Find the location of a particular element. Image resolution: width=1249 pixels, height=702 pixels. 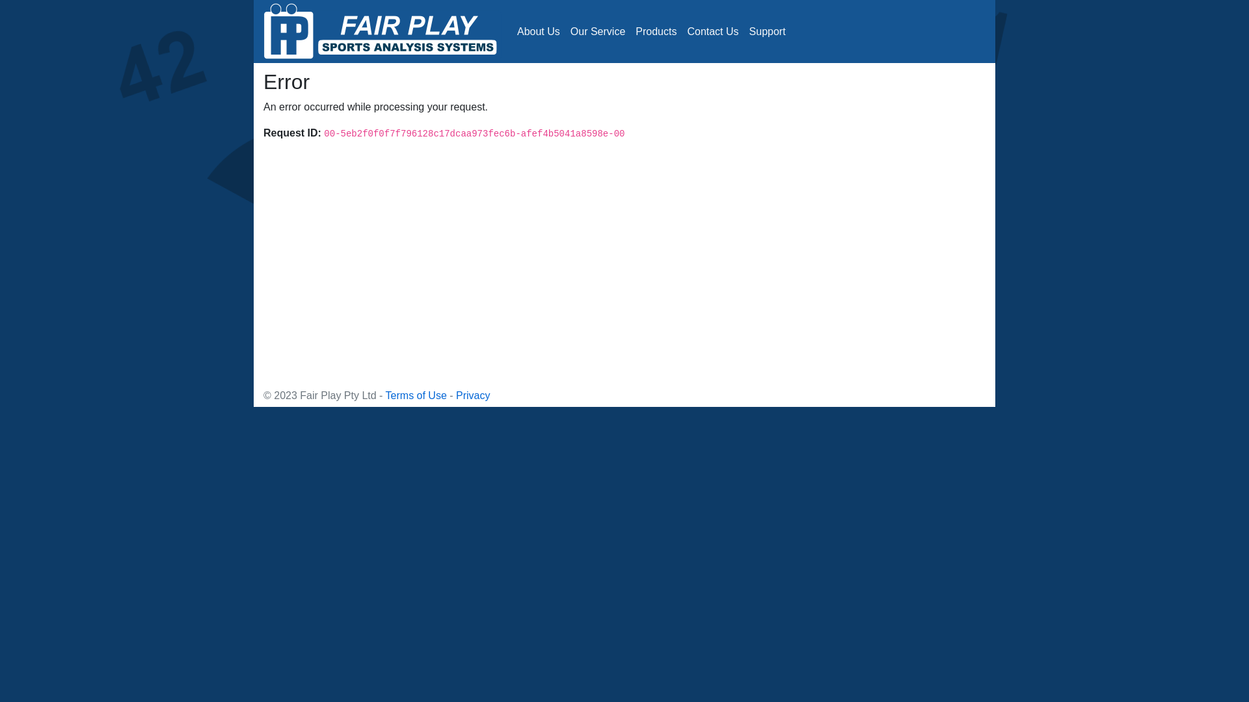

'Our Service' is located at coordinates (597, 30).